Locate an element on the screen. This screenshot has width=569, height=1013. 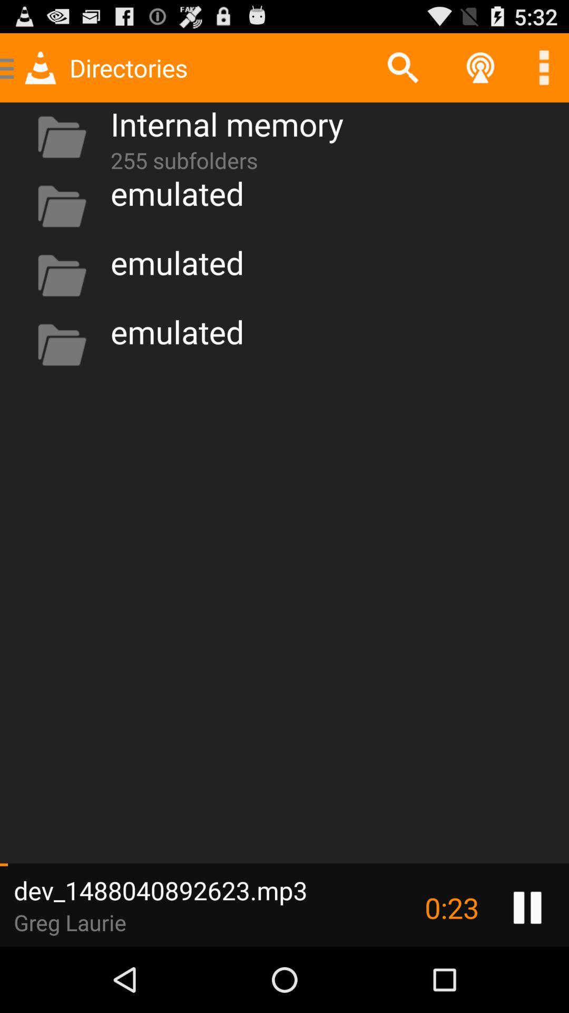
the 255 subfolders app is located at coordinates (183, 158).